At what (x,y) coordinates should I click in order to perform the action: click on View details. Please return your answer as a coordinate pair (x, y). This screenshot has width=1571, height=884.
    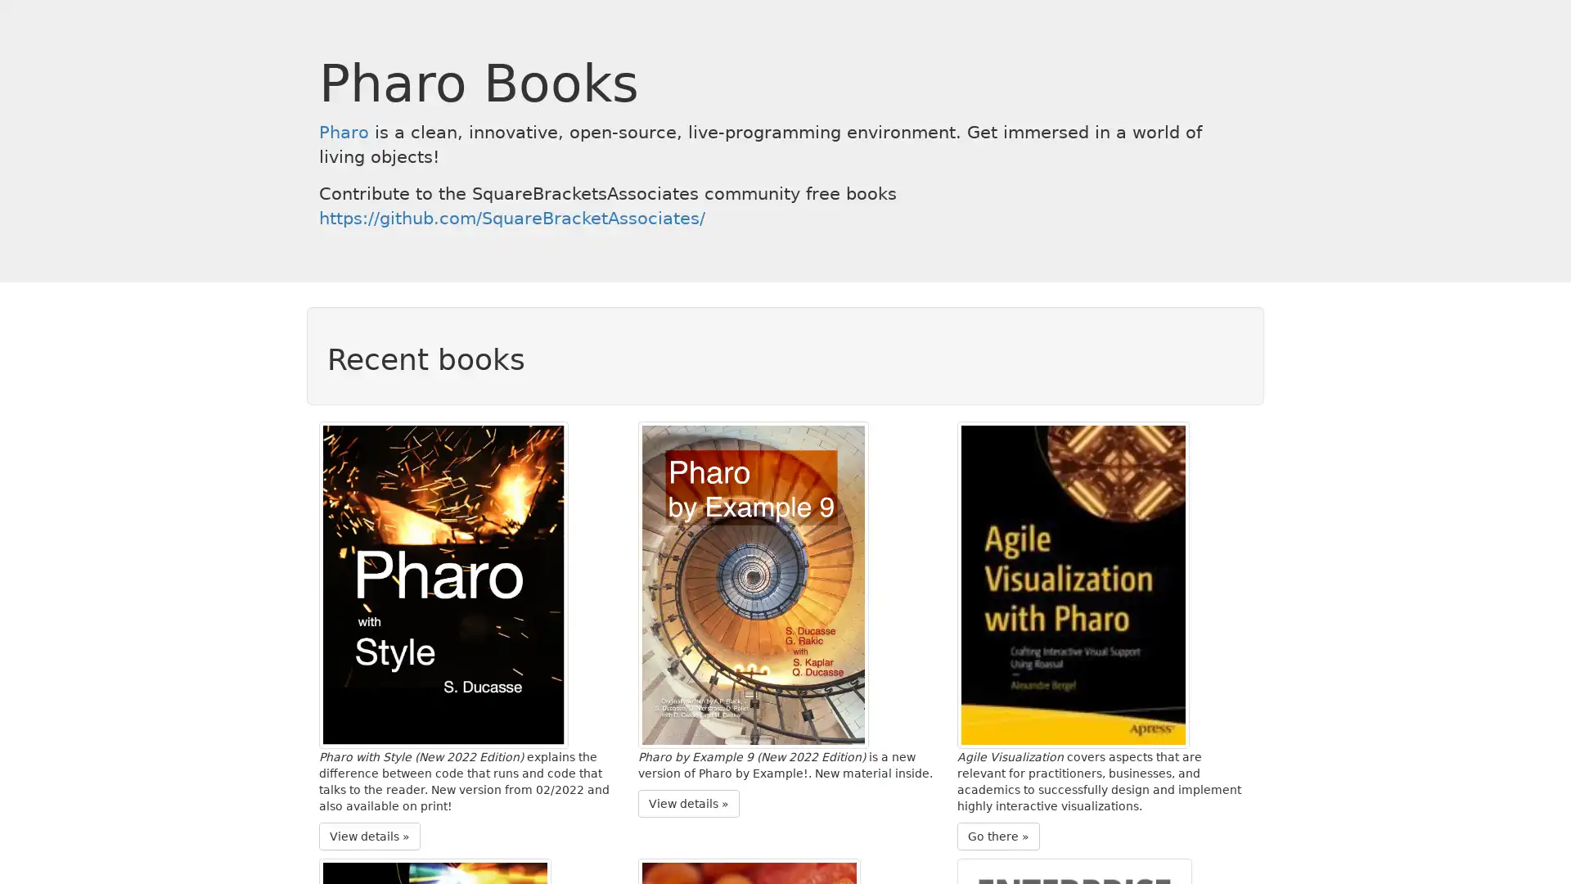
    Looking at the image, I should click on (688, 801).